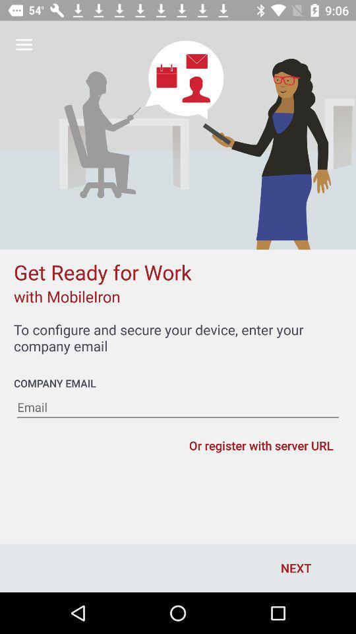 This screenshot has height=634, width=356. What do you see at coordinates (178, 407) in the screenshot?
I see `your email` at bounding box center [178, 407].